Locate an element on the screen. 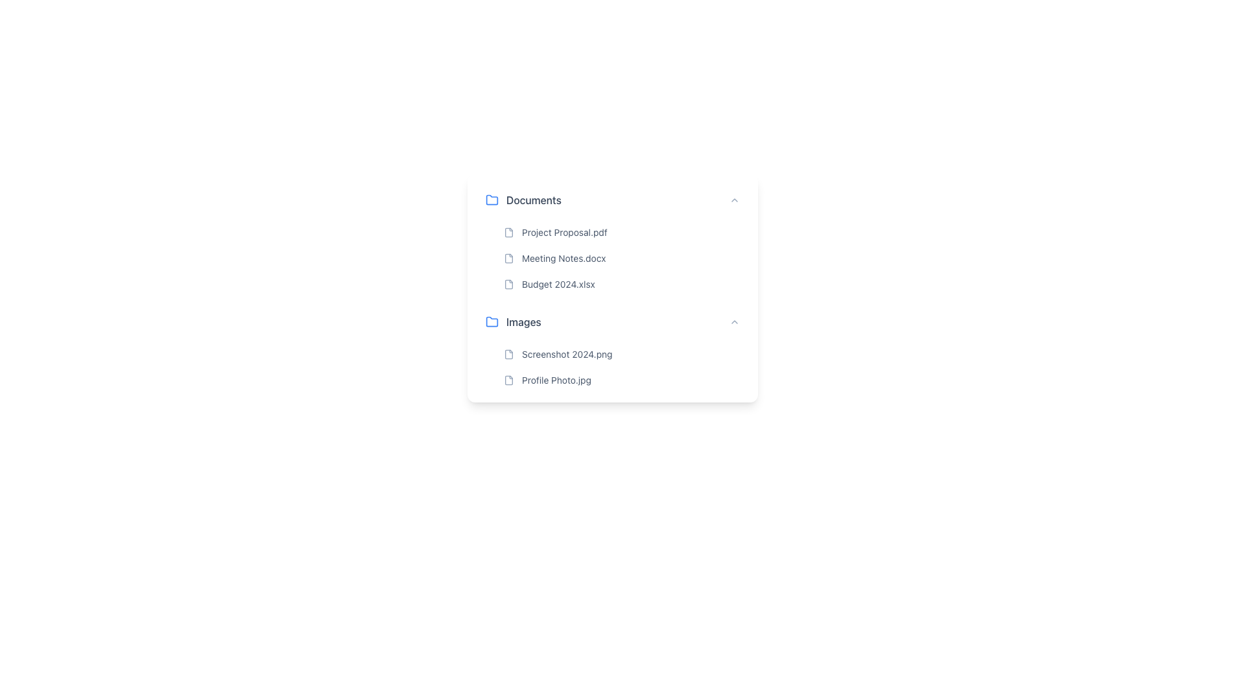  on the third file entry labeled 'Budget 2024.xlsx' in the Documents section is located at coordinates (622, 284).